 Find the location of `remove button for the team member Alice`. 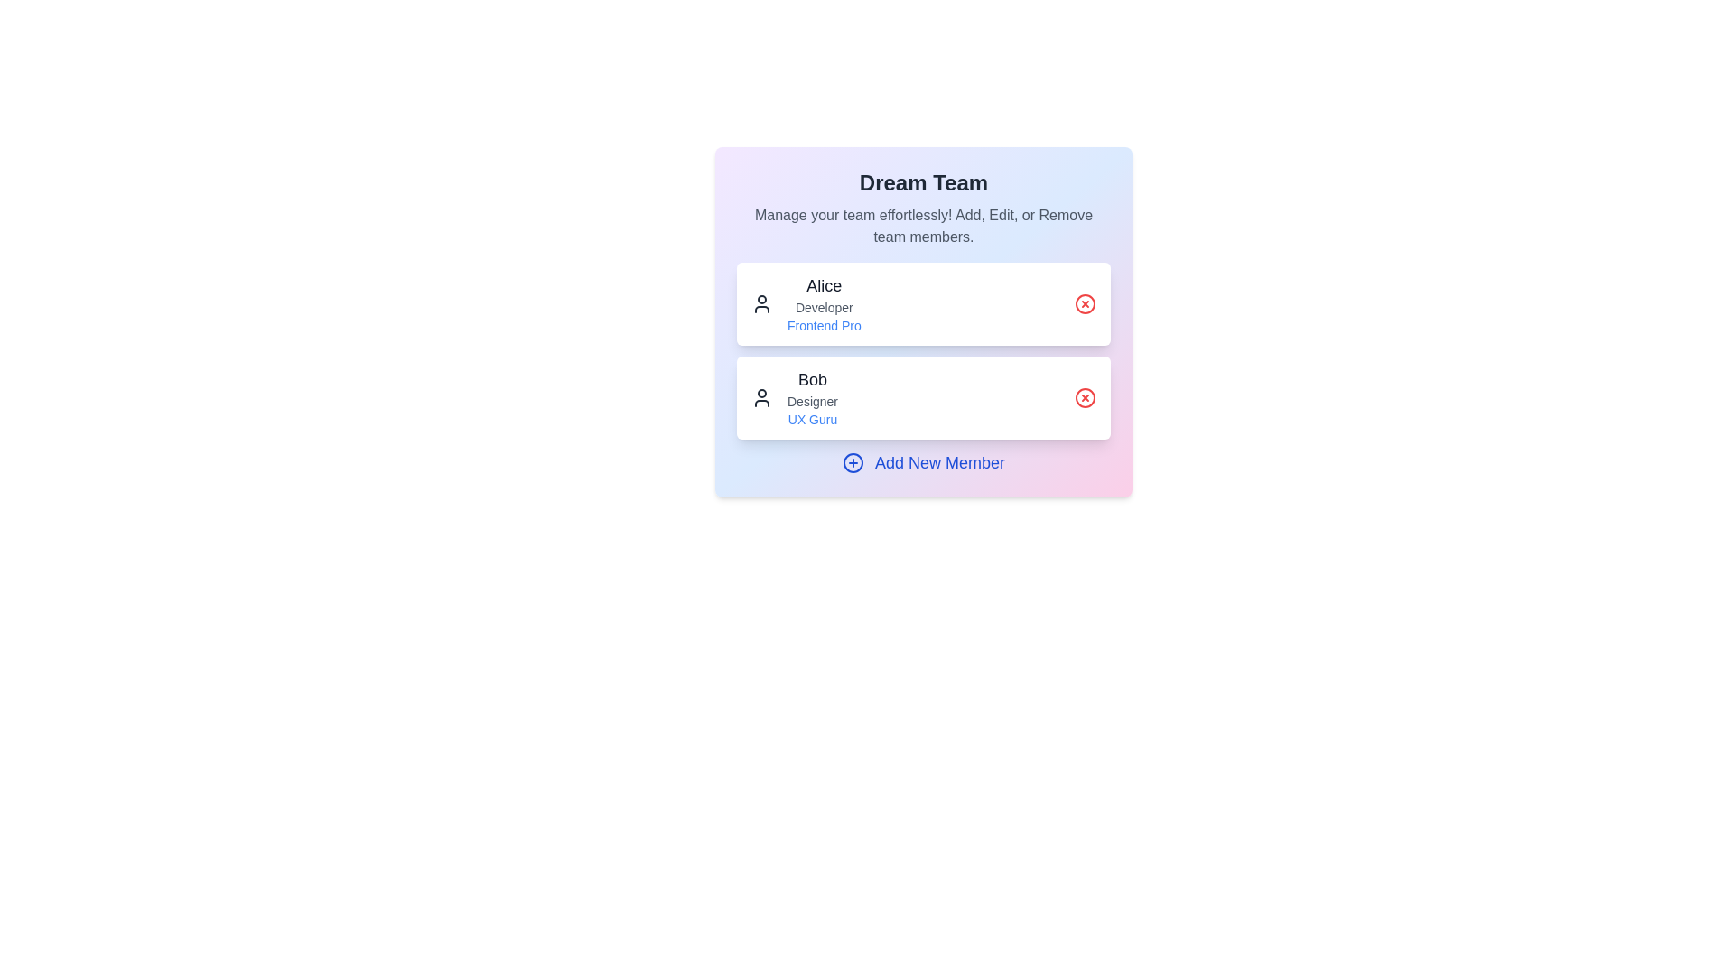

remove button for the team member Alice is located at coordinates (1084, 302).